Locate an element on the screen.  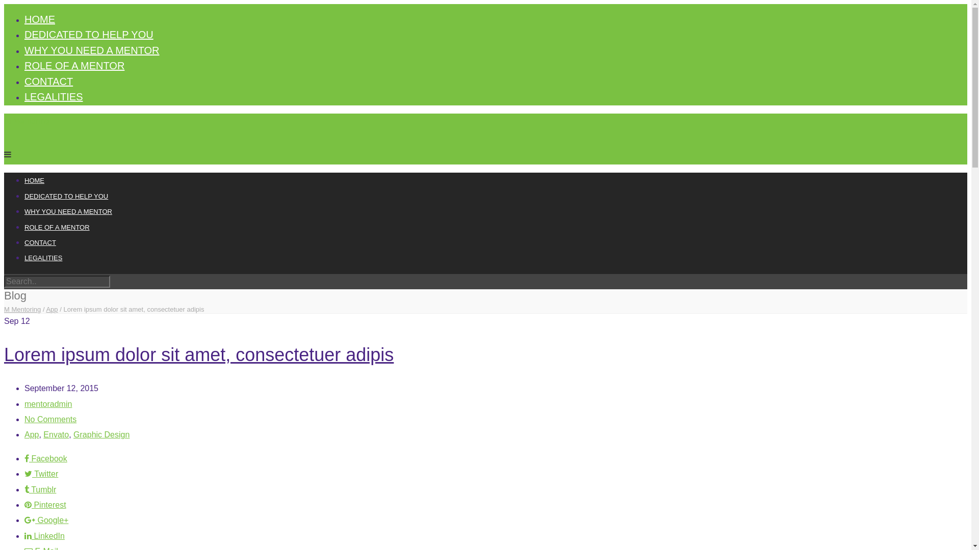
'CONTACT' is located at coordinates (40, 242).